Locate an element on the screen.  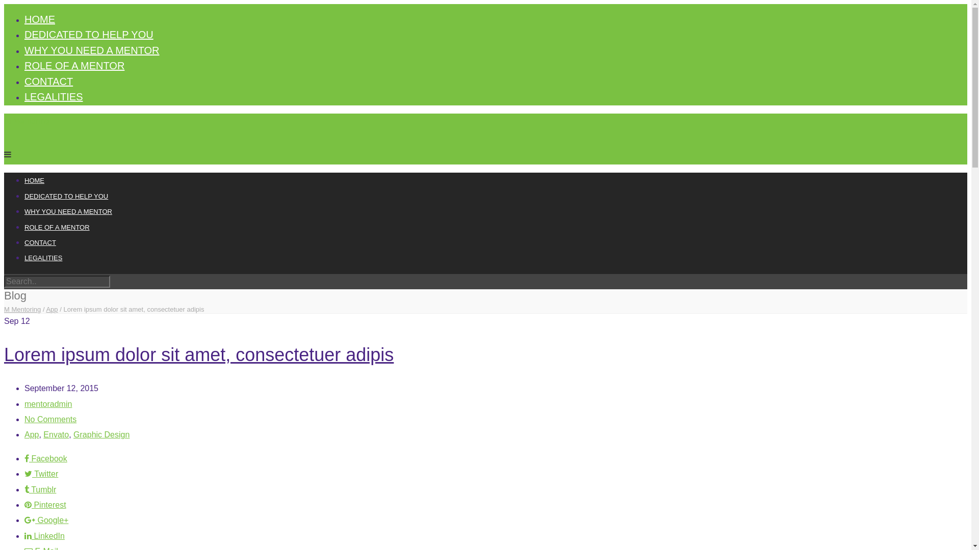
'CONTACT' is located at coordinates (40, 242).